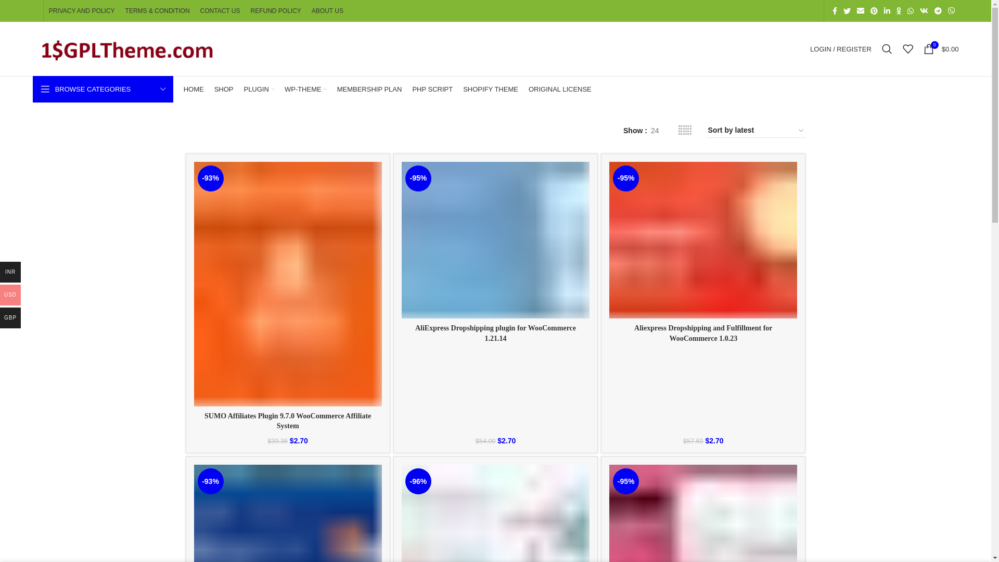 The width and height of the screenshot is (999, 562). What do you see at coordinates (194, 89) in the screenshot?
I see `'HOME'` at bounding box center [194, 89].